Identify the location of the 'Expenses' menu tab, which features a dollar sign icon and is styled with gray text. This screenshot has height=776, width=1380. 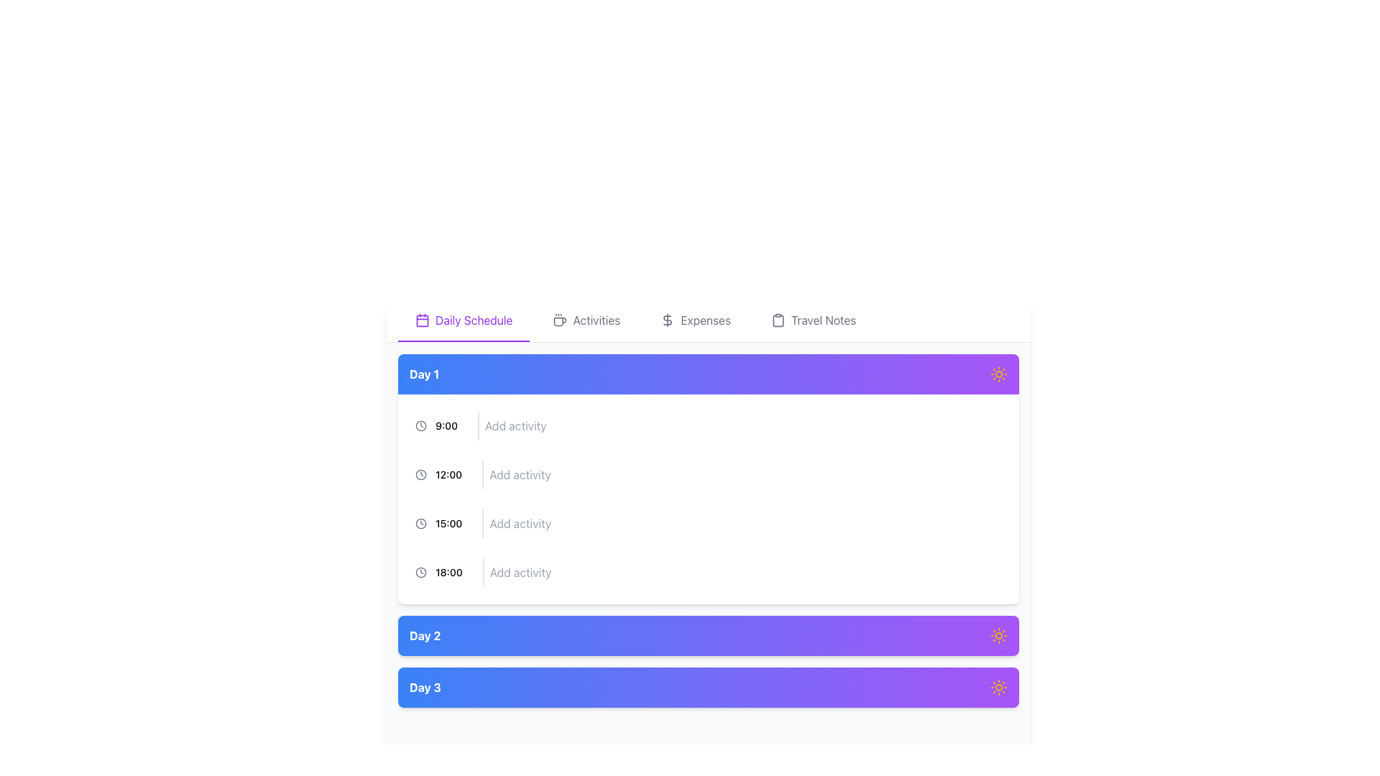
(696, 320).